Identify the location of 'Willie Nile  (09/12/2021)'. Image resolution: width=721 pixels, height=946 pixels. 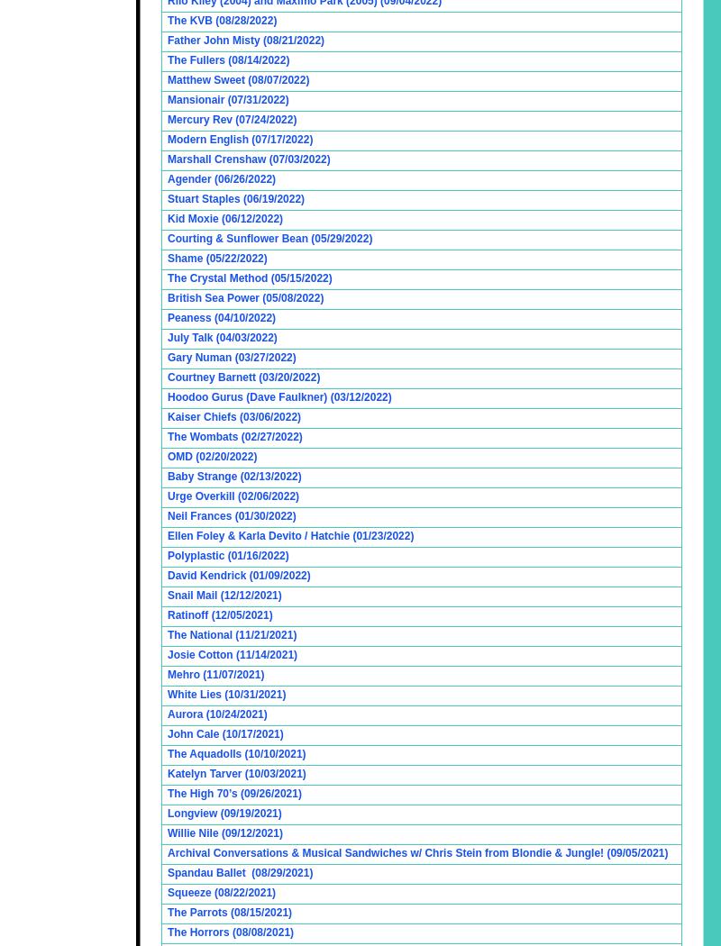
(224, 833).